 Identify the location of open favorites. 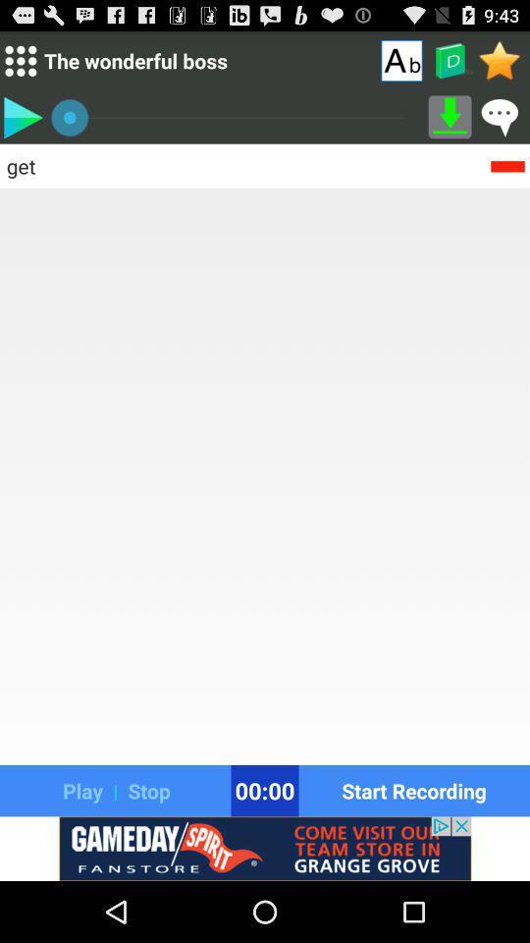
(500, 60).